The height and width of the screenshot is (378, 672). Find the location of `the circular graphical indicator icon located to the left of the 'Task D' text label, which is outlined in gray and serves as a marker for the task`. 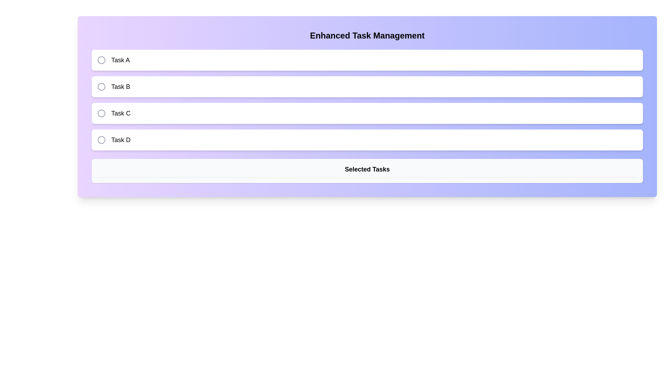

the circular graphical indicator icon located to the left of the 'Task D' text label, which is outlined in gray and serves as a marker for the task is located at coordinates (101, 140).